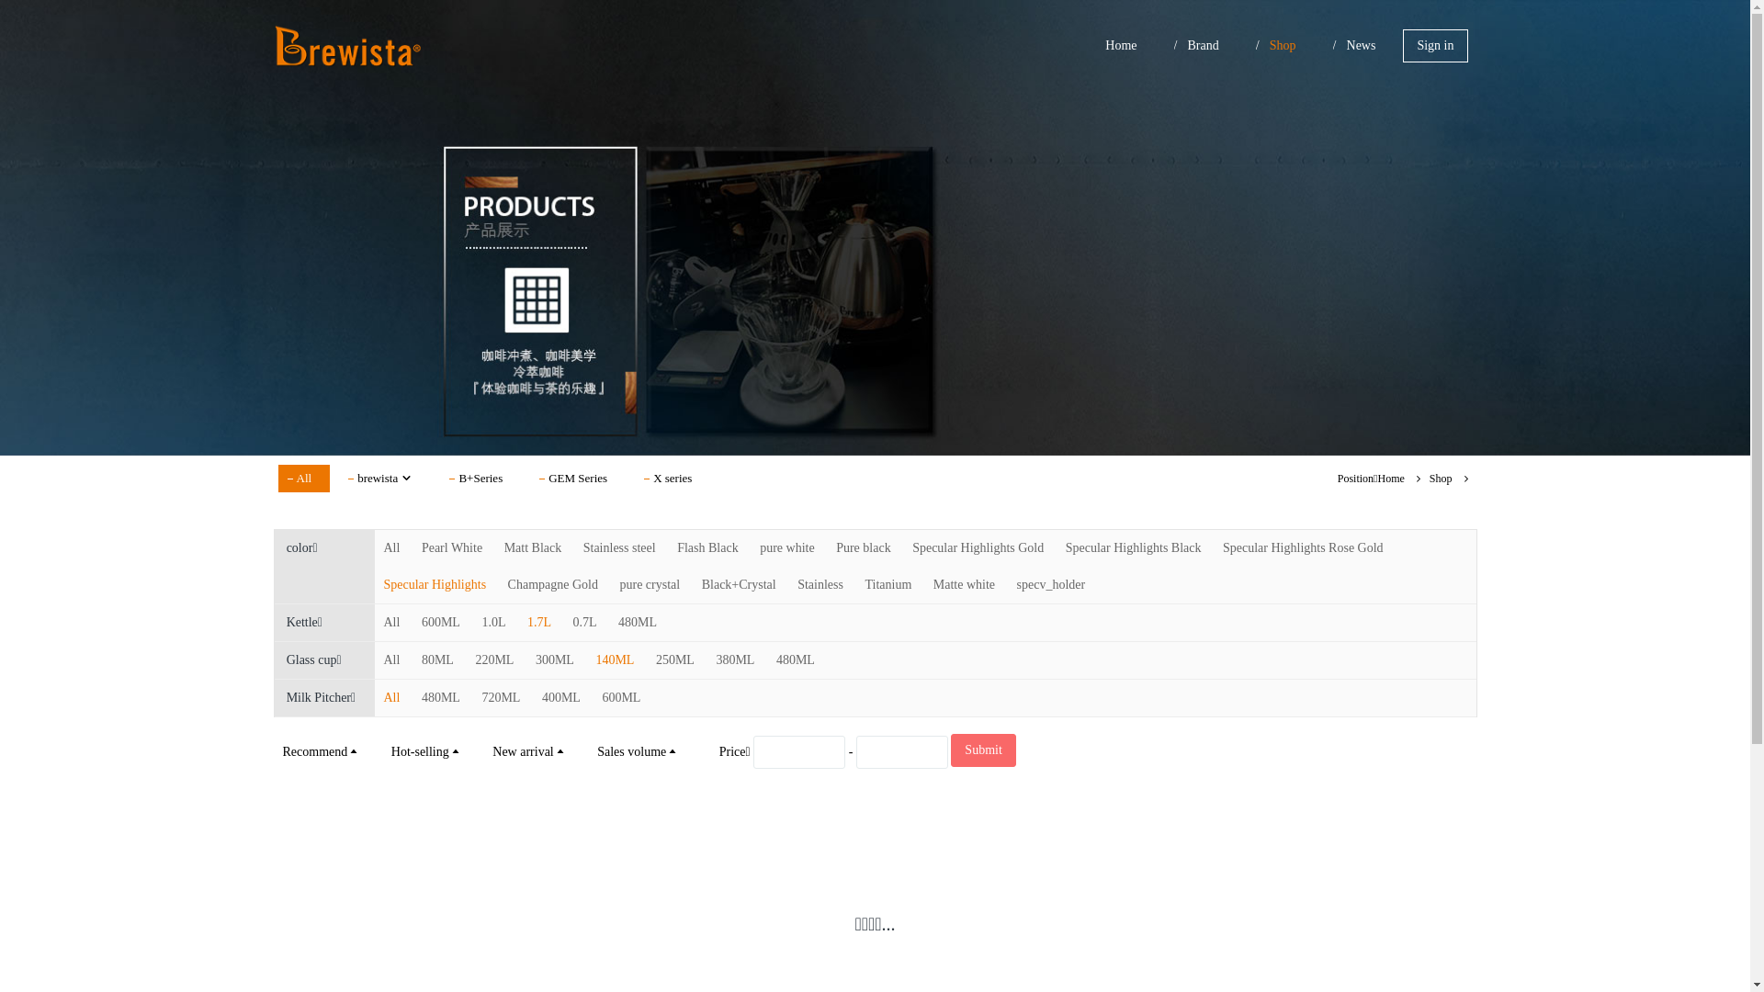  I want to click on 'Submit', so click(982, 750).